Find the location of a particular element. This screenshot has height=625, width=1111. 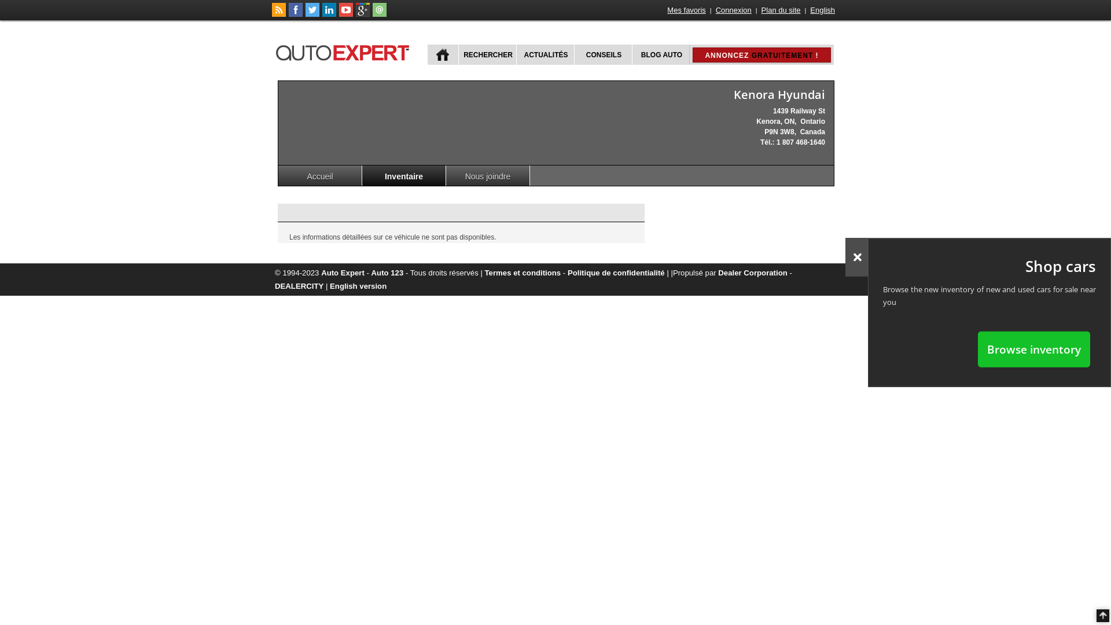

'Suivez autoExpert.ca sur Twitter' is located at coordinates (312, 14).